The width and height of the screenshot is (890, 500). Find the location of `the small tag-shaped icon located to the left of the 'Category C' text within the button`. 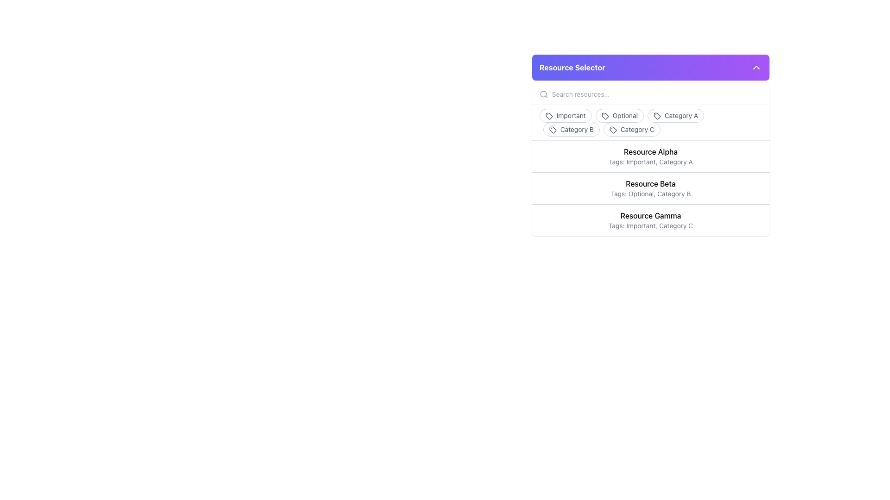

the small tag-shaped icon located to the left of the 'Category C' text within the button is located at coordinates (613, 130).